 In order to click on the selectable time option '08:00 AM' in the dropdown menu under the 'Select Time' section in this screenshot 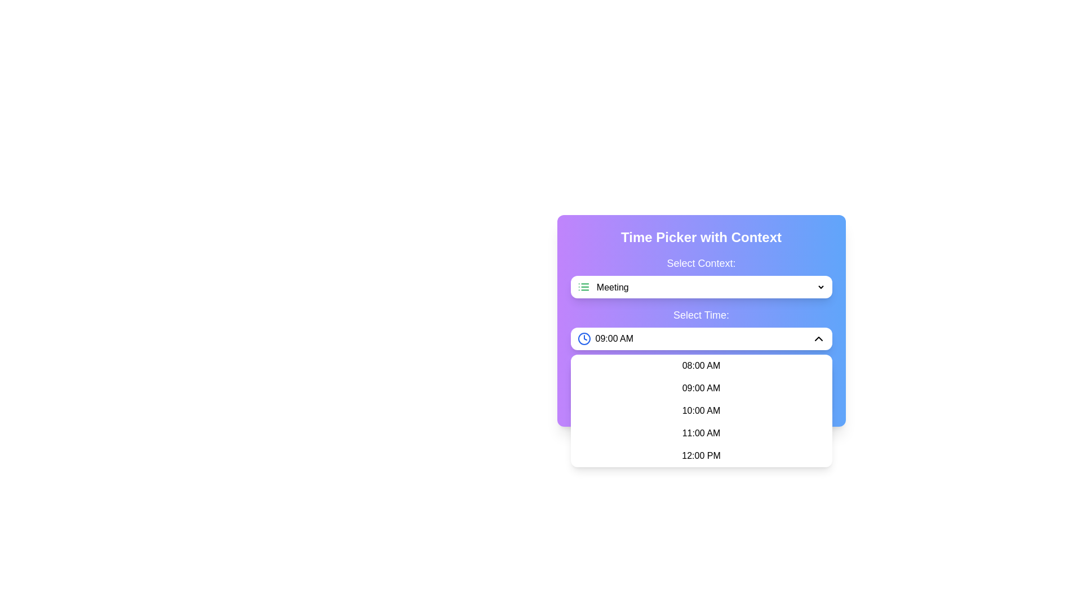, I will do `click(700, 366)`.